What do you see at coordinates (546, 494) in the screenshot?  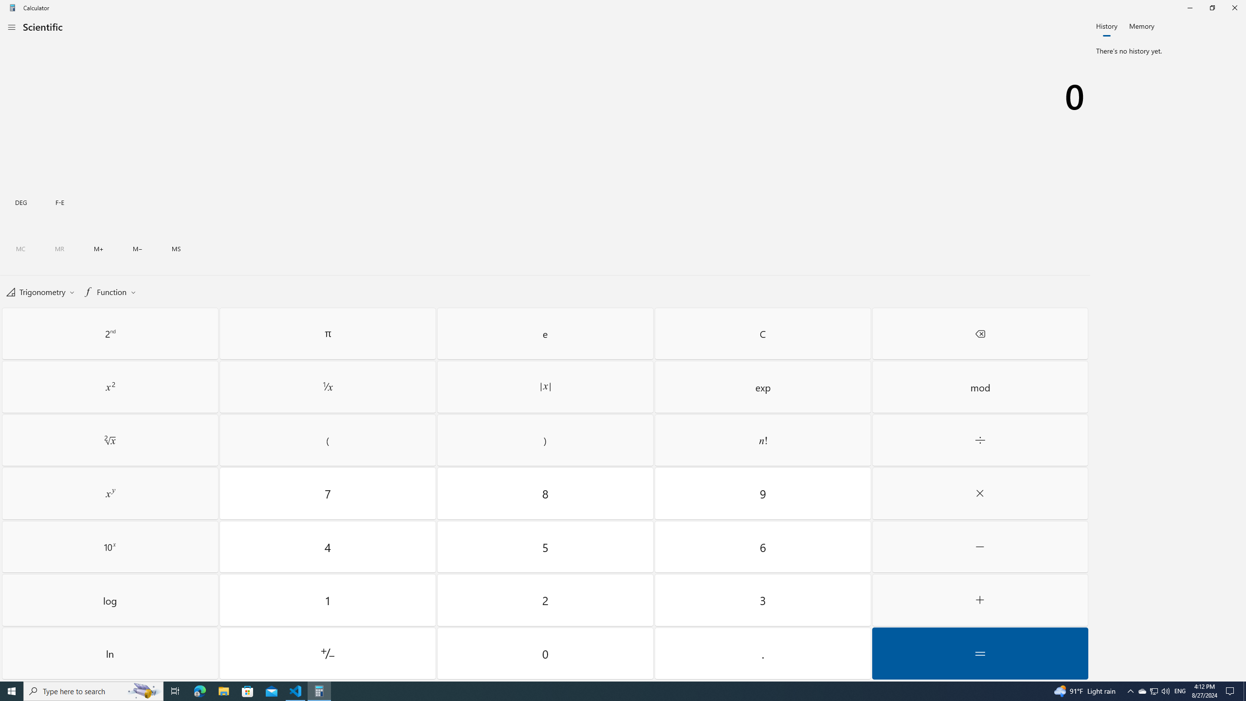 I see `'Eight'` at bounding box center [546, 494].